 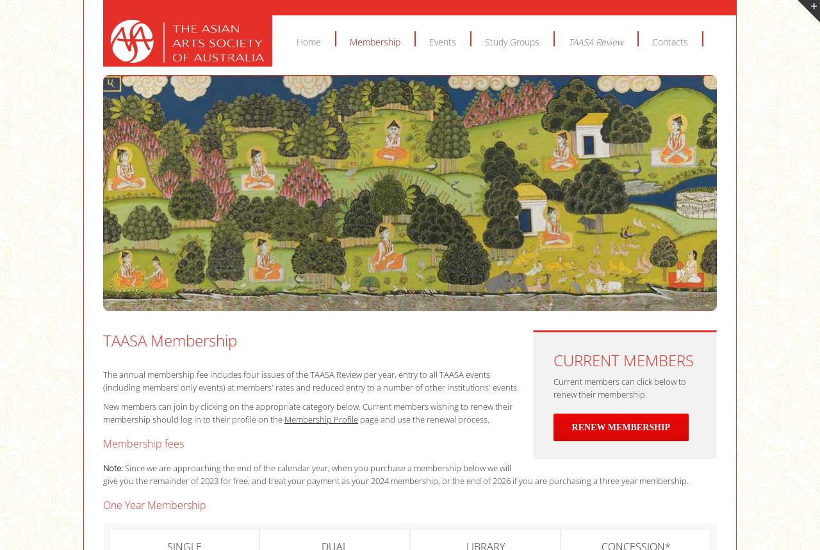 I want to click on 'Note:', so click(x=103, y=466).